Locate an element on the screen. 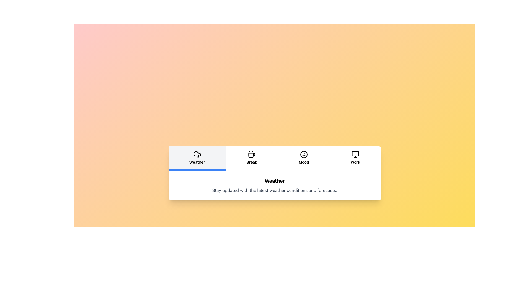 The height and width of the screenshot is (298, 531). the 'Break' menu item, which features a coffee cup icon with steaming lines and bold text, positioned centrally between the 'Weather' and 'Mood' items is located at coordinates (251, 158).